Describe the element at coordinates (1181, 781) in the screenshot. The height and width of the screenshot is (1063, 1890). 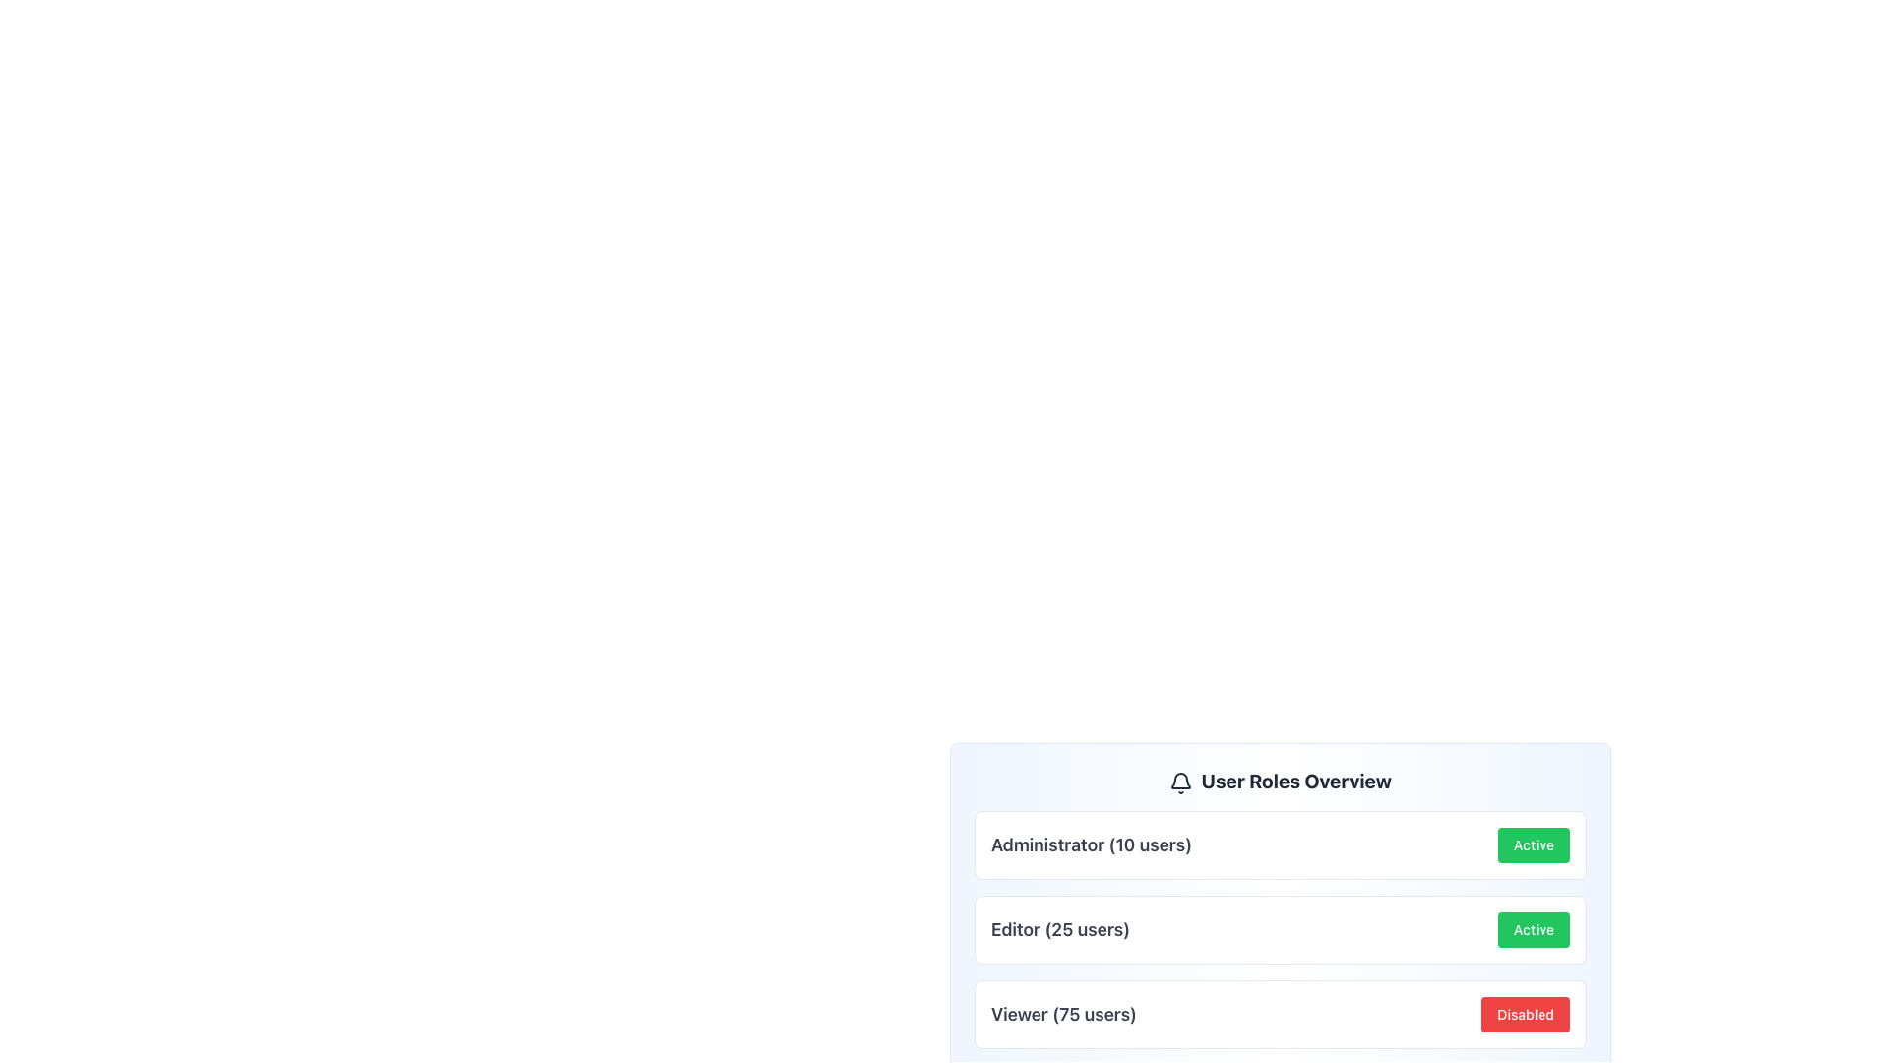
I see `the notification icon located to the left of the 'User Roles Overview' title text, which serves as an indicator for alerts related to user roles` at that location.